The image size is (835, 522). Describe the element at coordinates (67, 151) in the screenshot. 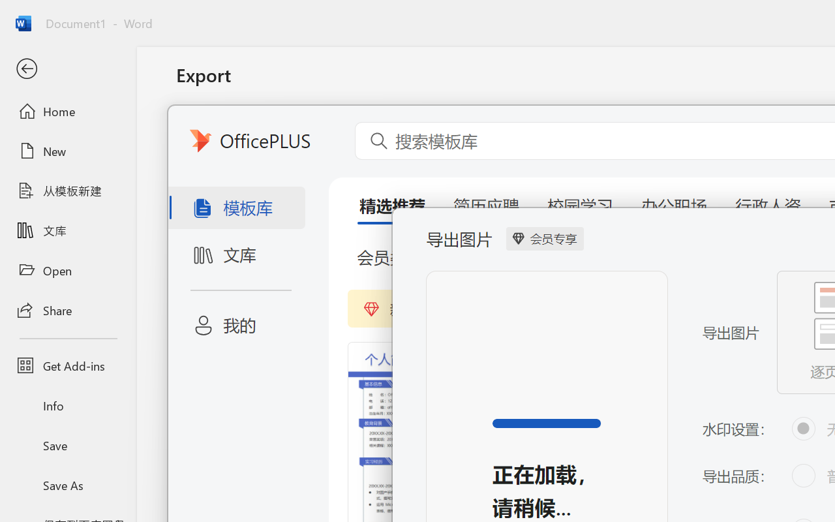

I see `'New'` at that location.